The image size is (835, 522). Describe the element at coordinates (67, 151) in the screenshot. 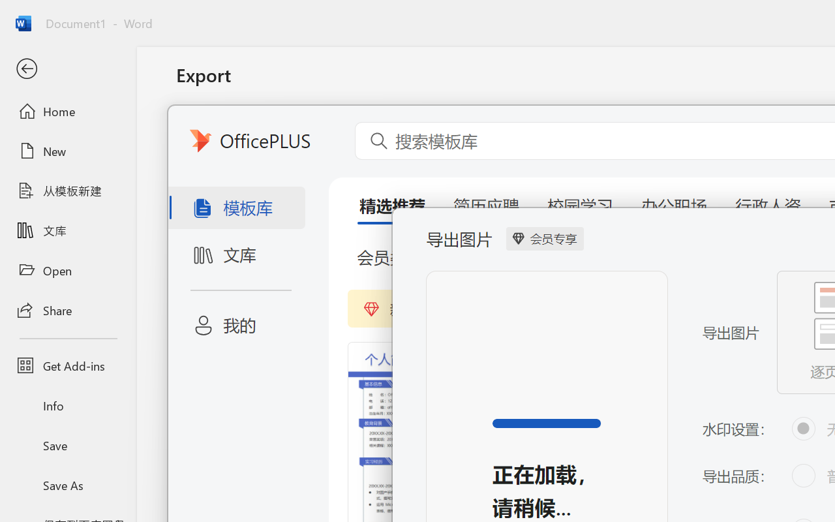

I see `'New'` at that location.